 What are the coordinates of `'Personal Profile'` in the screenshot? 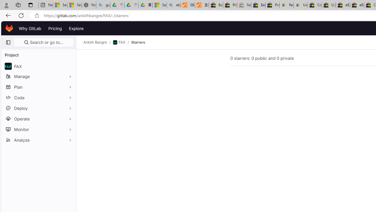 It's located at (6, 5).